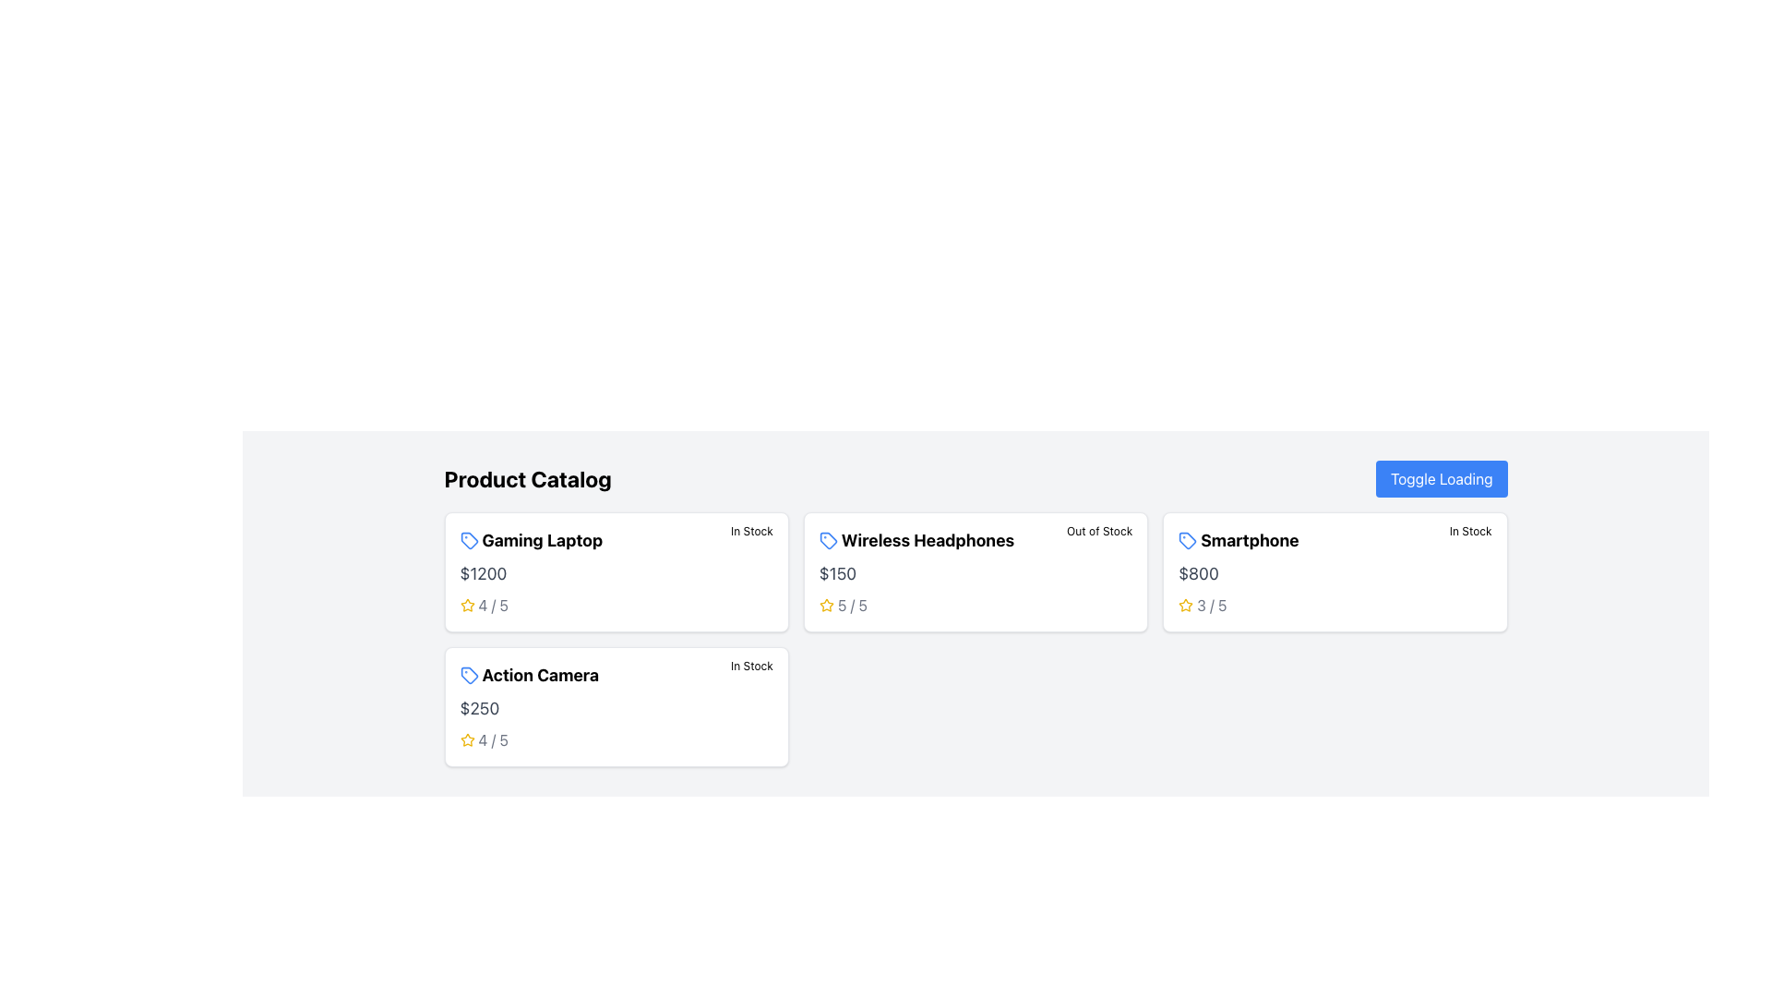  What do you see at coordinates (469, 540) in the screenshot?
I see `the visual indicator icon to the left of the 'Gaming Laptop' text in the Product Catalog interface` at bounding box center [469, 540].